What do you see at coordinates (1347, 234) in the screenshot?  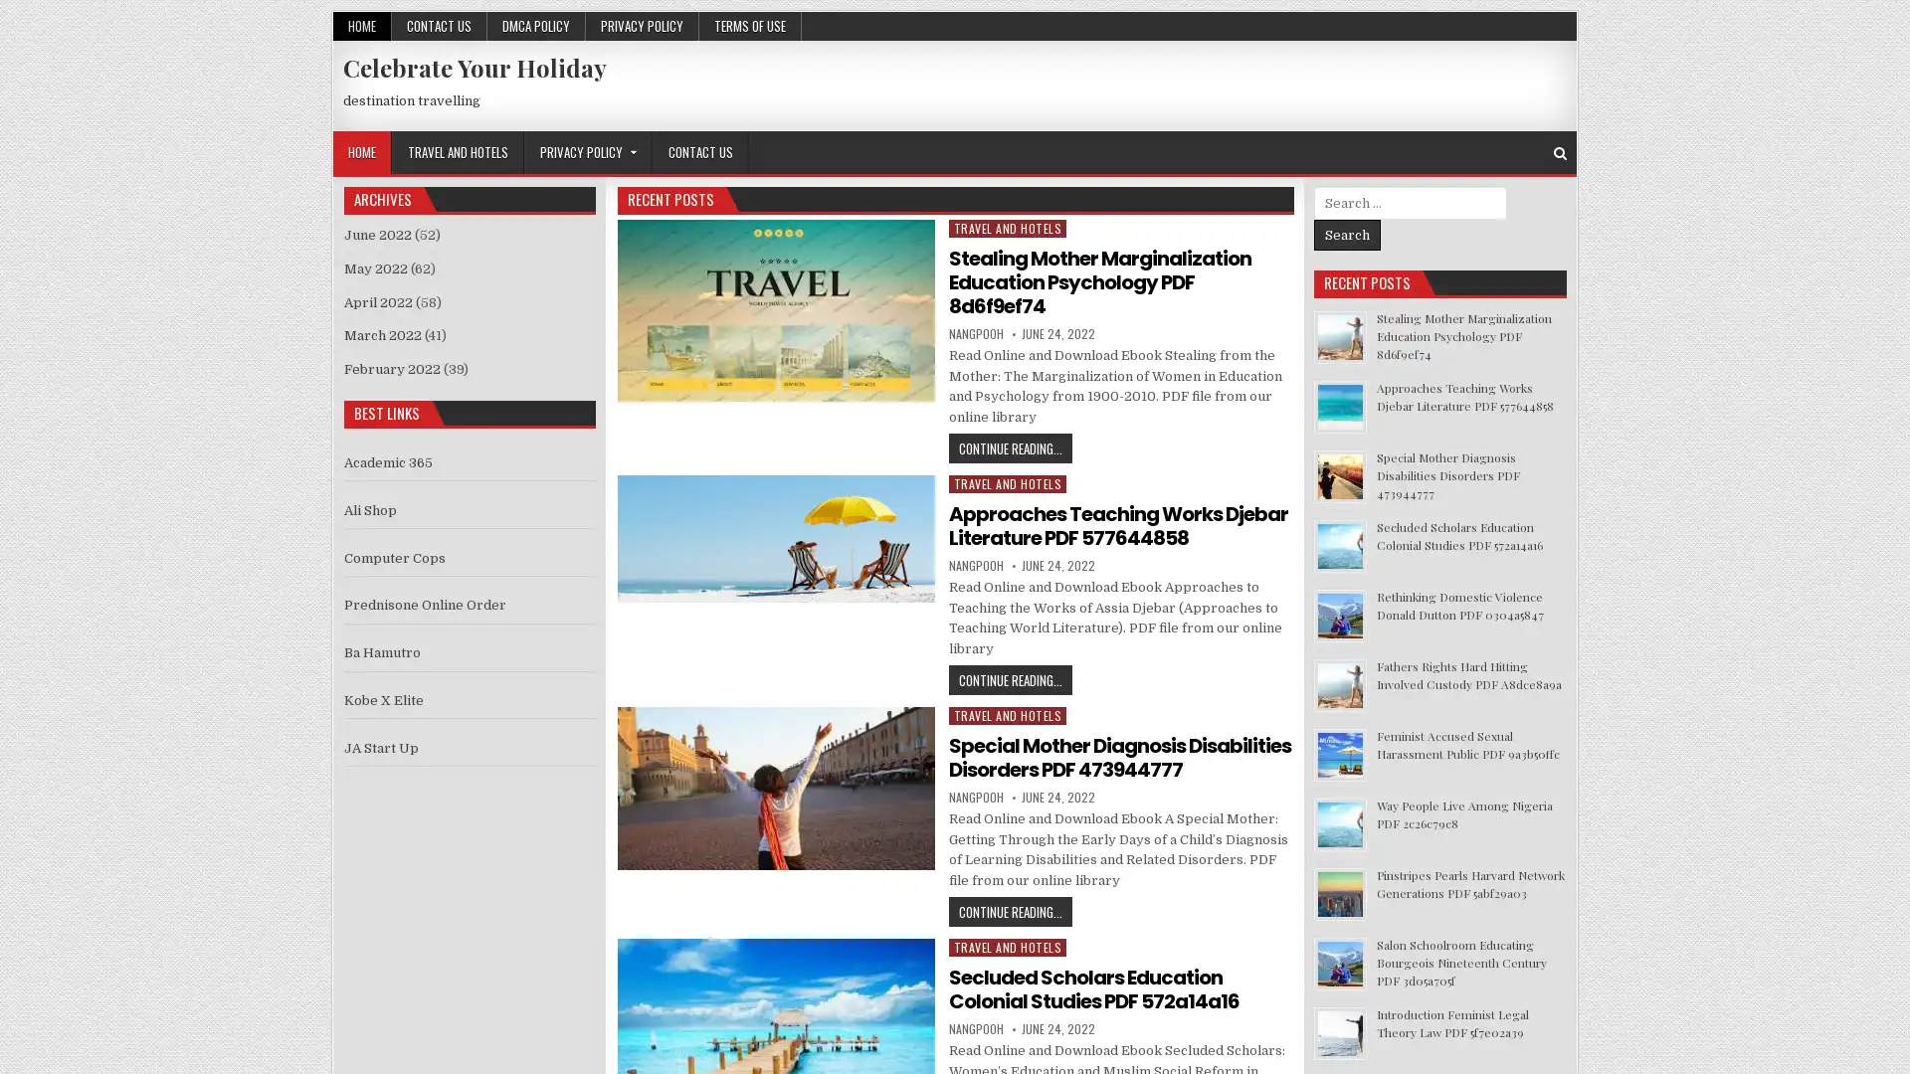 I see `Search` at bounding box center [1347, 234].